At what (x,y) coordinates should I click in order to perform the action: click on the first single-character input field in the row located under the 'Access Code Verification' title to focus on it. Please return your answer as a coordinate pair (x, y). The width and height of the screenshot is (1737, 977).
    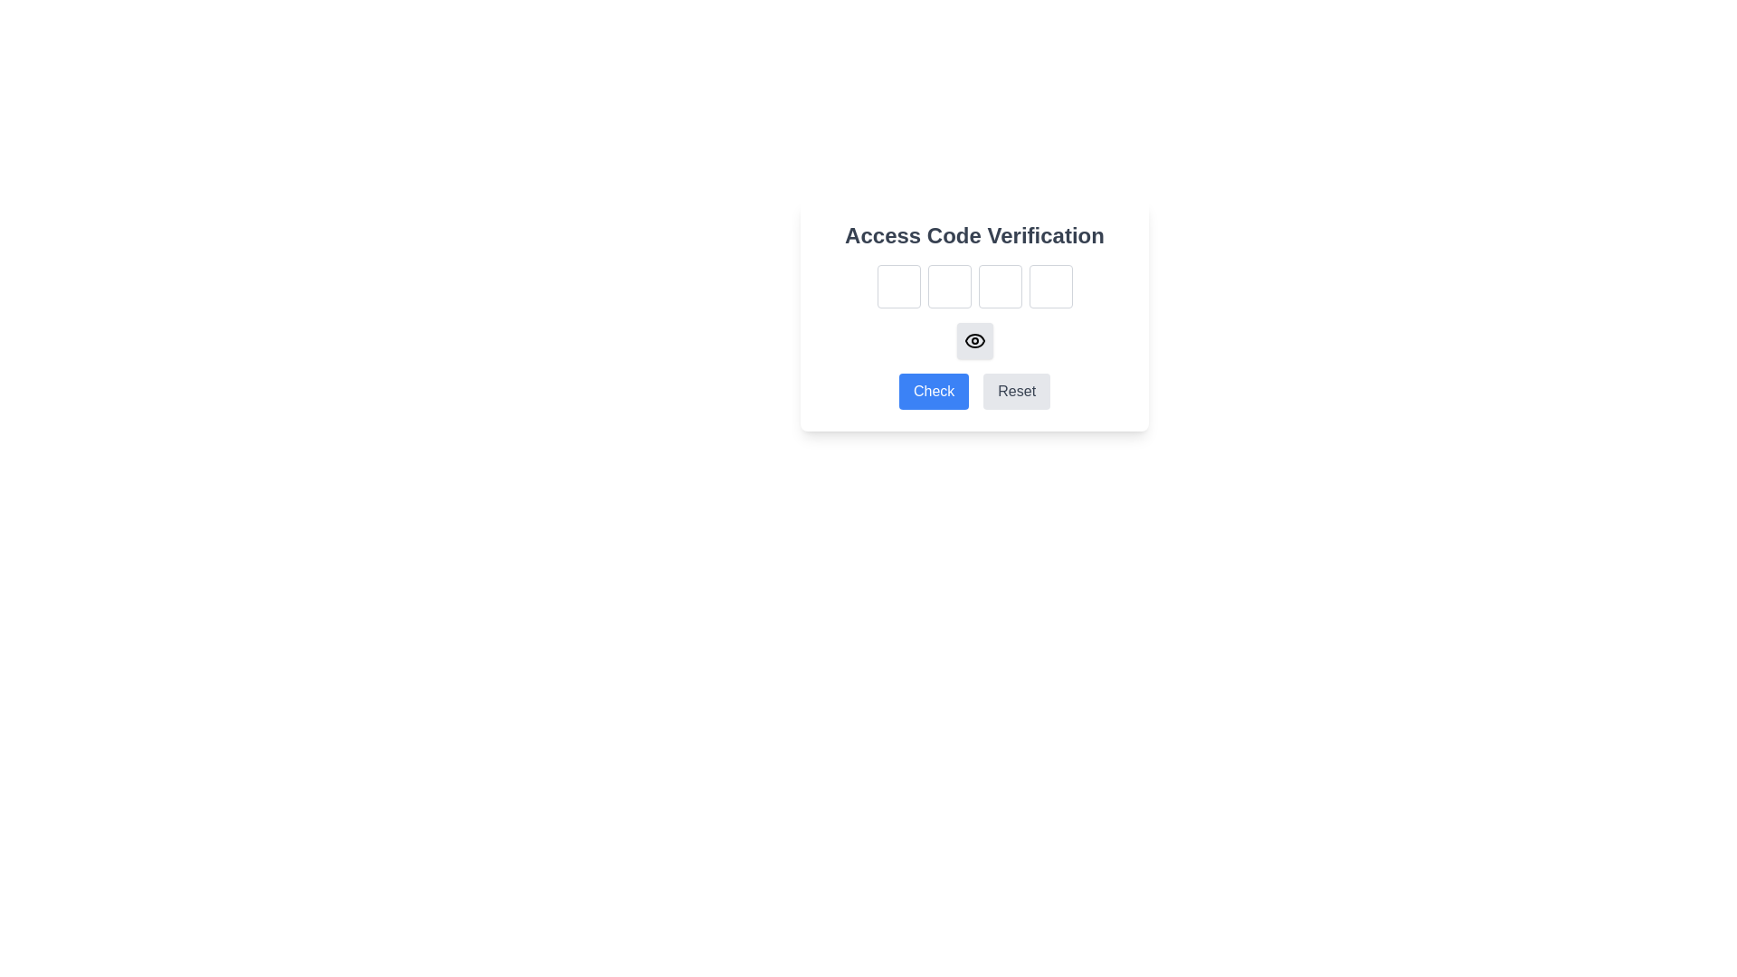
    Looking at the image, I should click on (973, 285).